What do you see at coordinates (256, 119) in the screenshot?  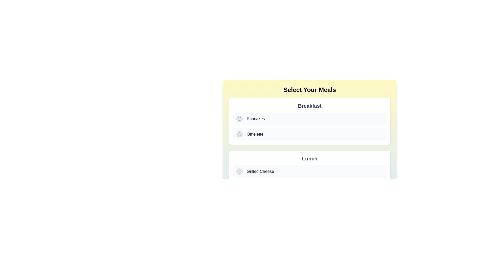 I see `the label describing the 'Pancakes' choice` at bounding box center [256, 119].